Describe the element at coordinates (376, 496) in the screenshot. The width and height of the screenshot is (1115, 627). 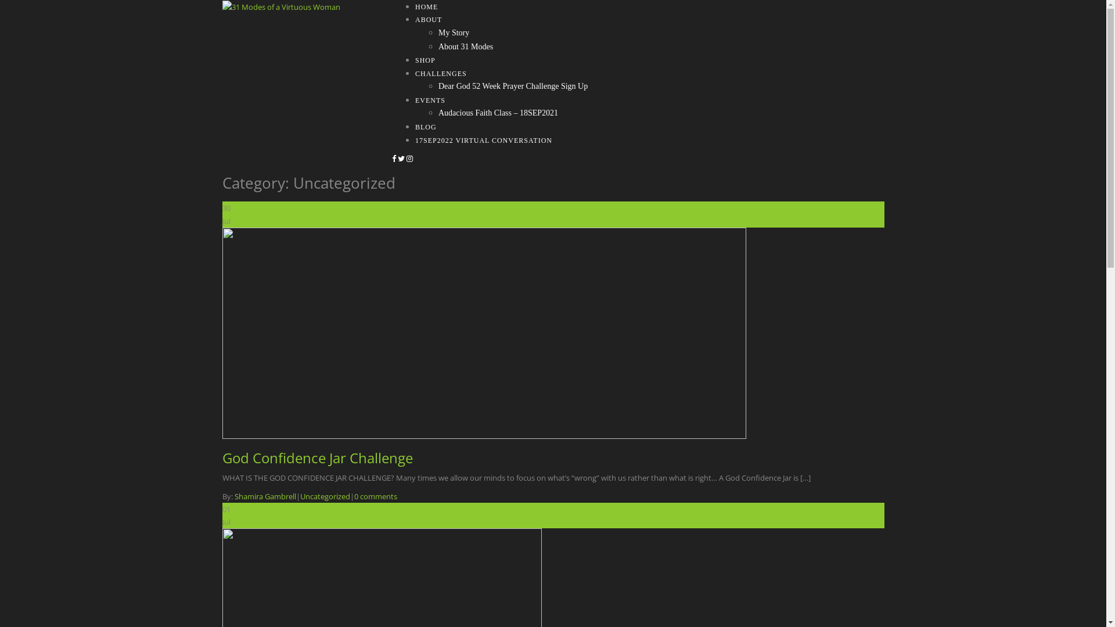
I see `'0 comments'` at that location.